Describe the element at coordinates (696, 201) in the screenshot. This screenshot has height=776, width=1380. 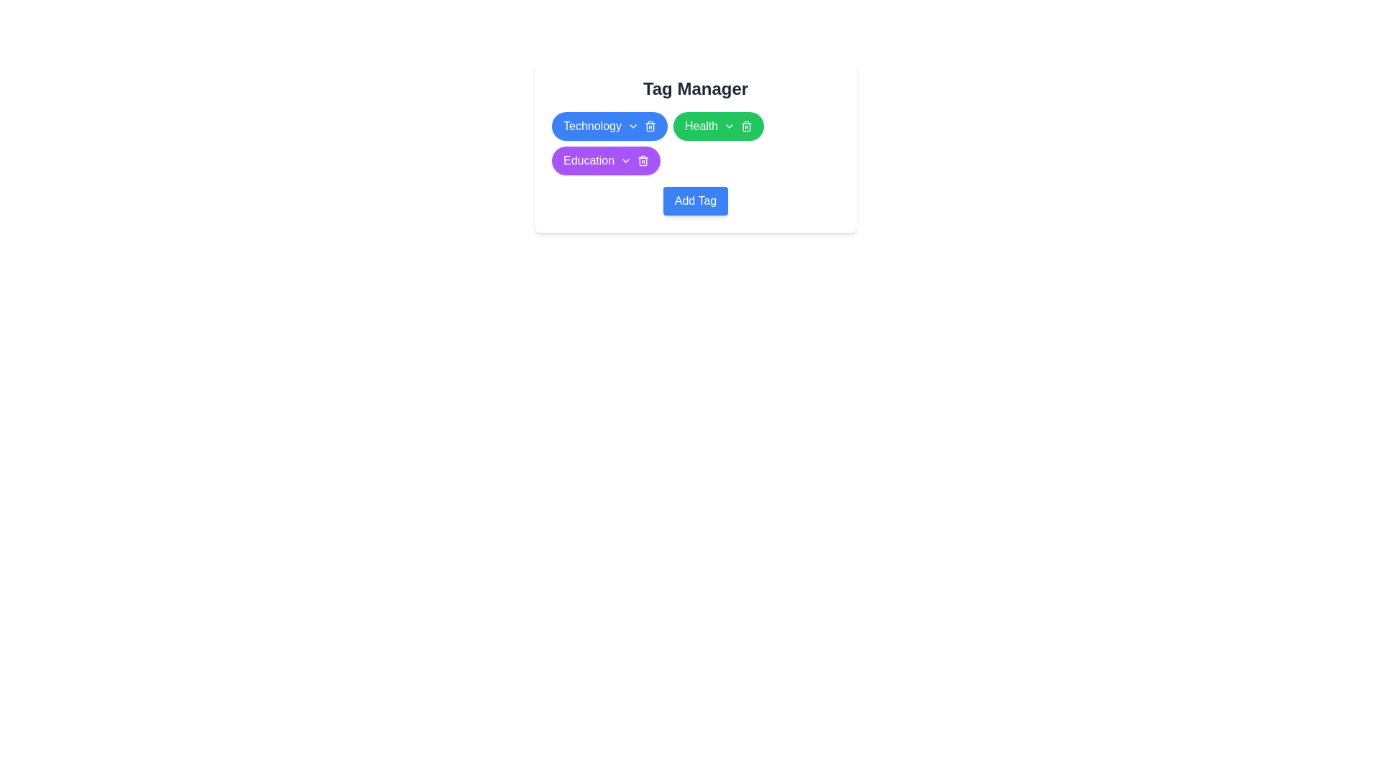
I see `the 'Add Tag' button to add a new tag` at that location.